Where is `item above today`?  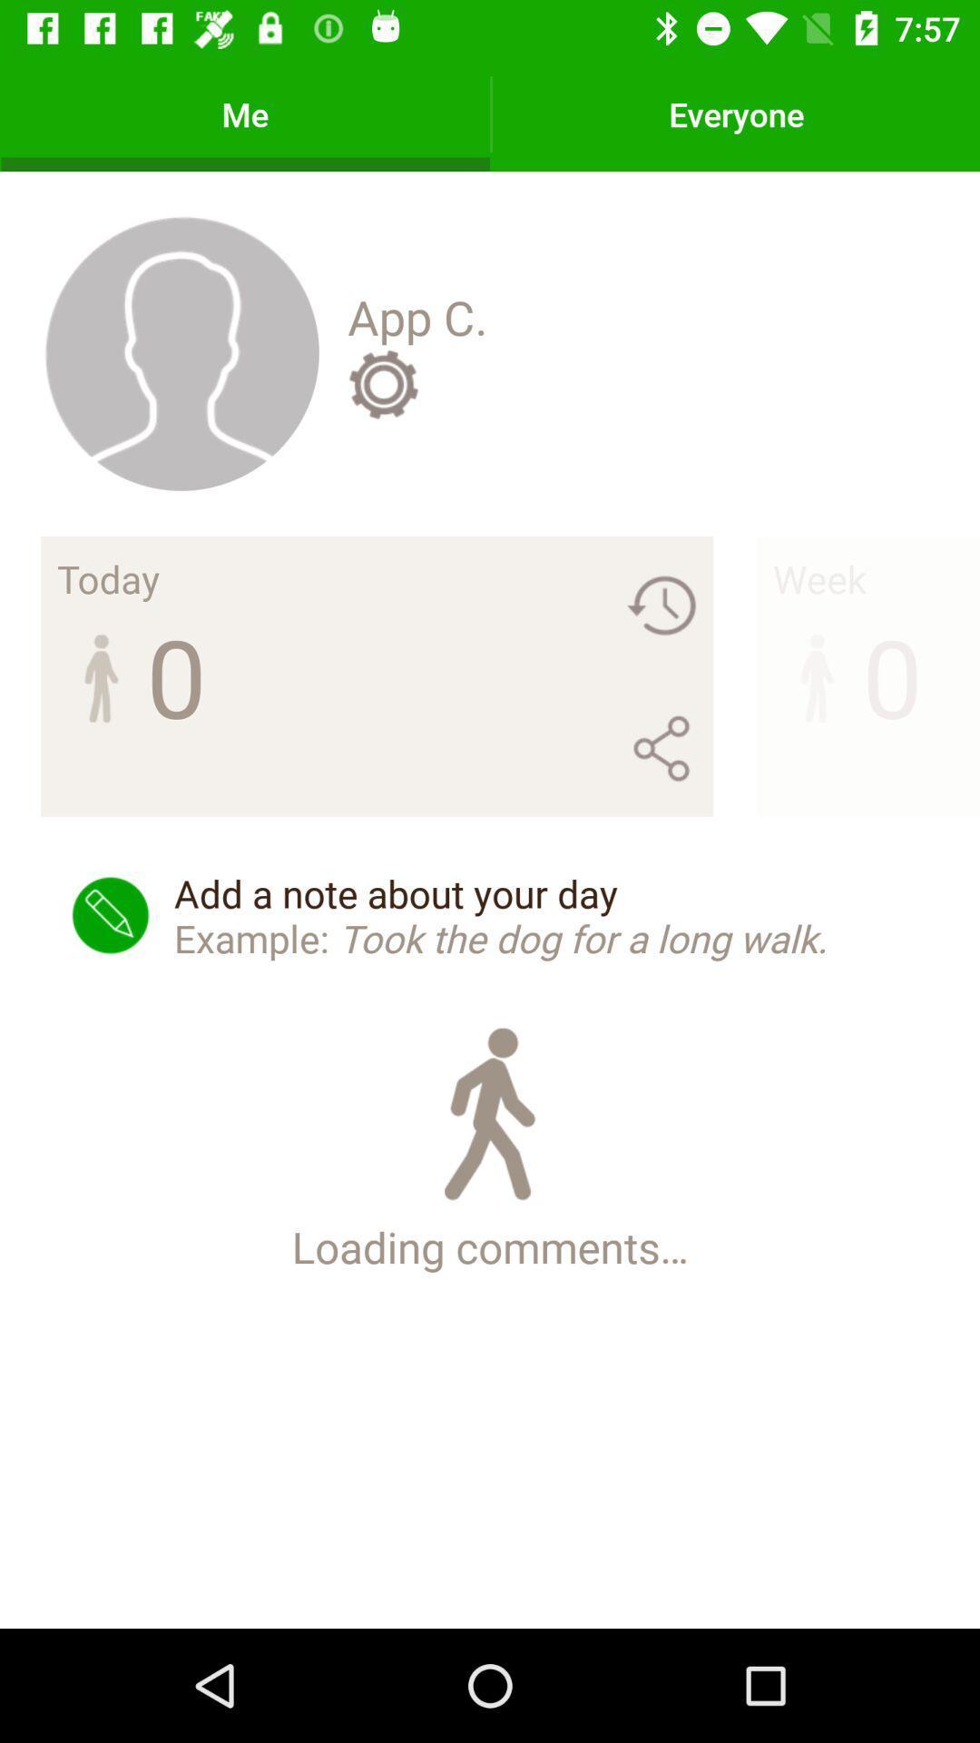 item above today is located at coordinates (181, 352).